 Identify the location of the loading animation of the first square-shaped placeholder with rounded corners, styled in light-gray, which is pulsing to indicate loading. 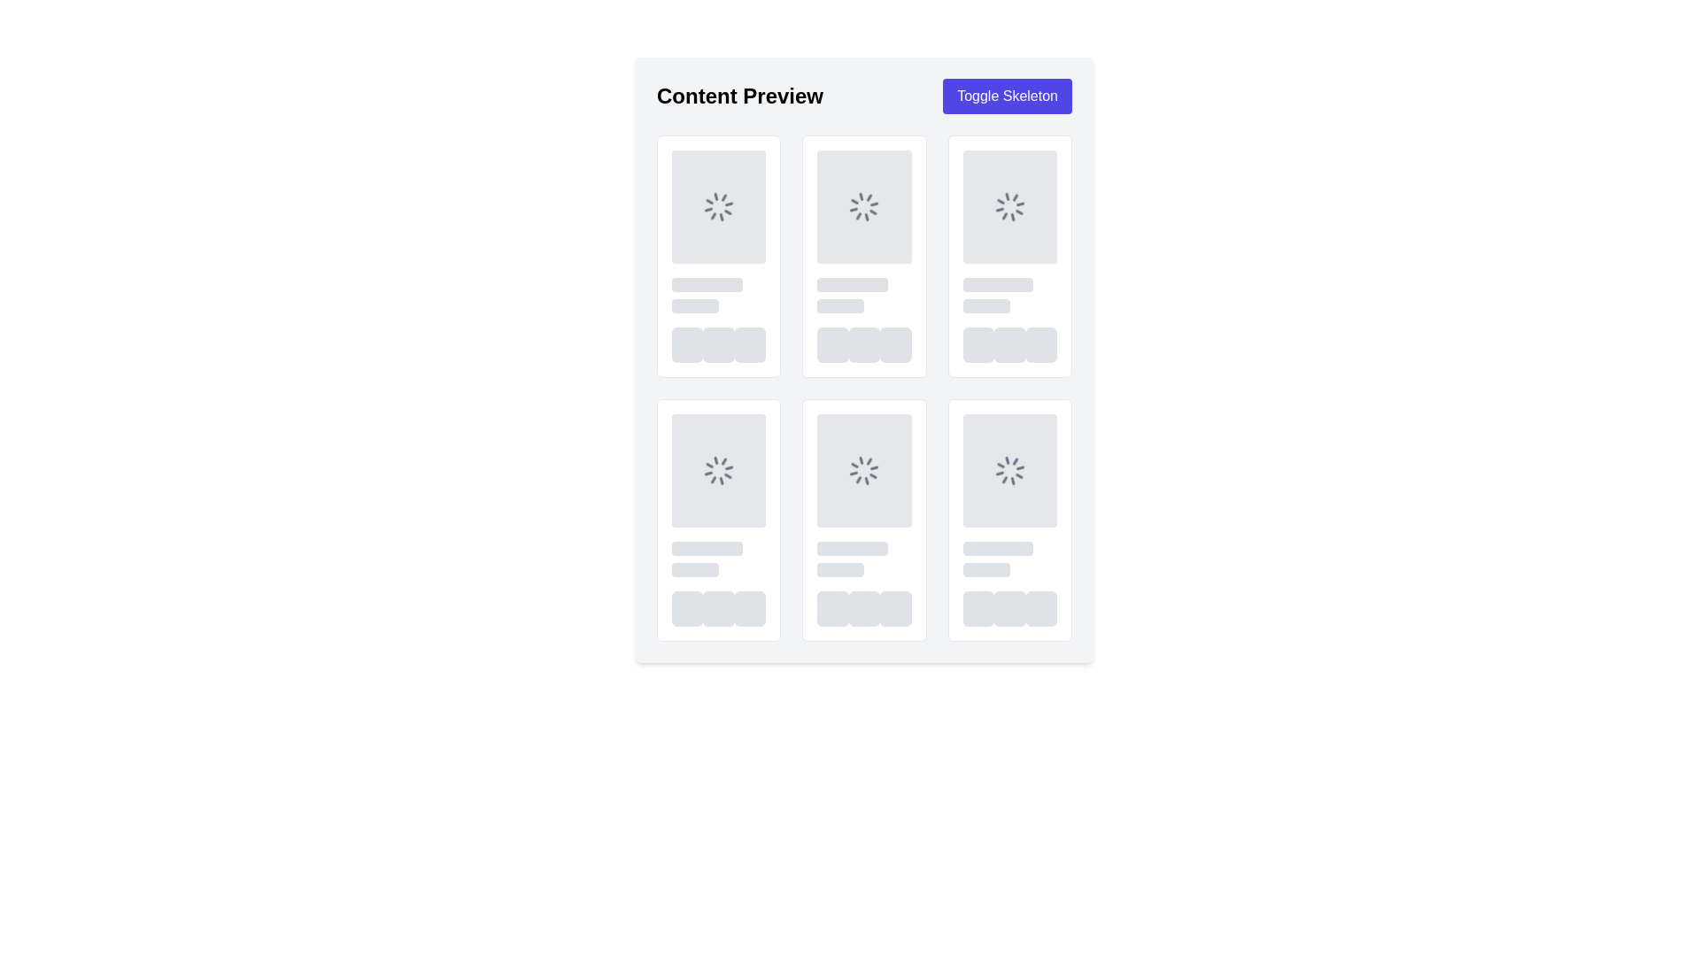
(977, 607).